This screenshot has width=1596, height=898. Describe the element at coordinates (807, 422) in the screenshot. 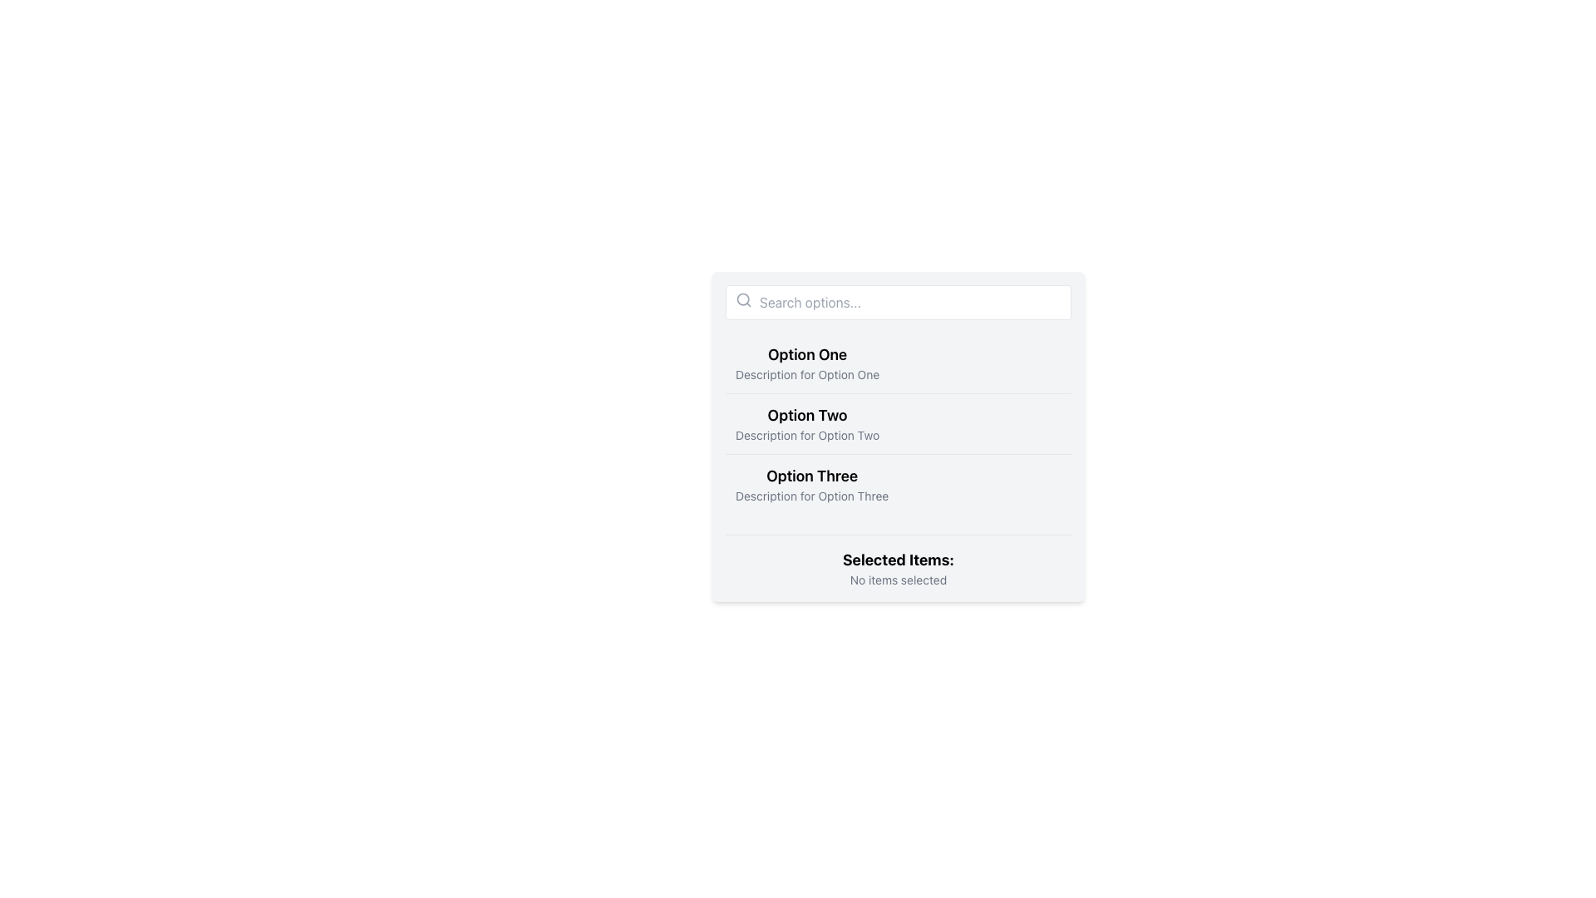

I see `the list item labeled 'Option Two'` at that location.